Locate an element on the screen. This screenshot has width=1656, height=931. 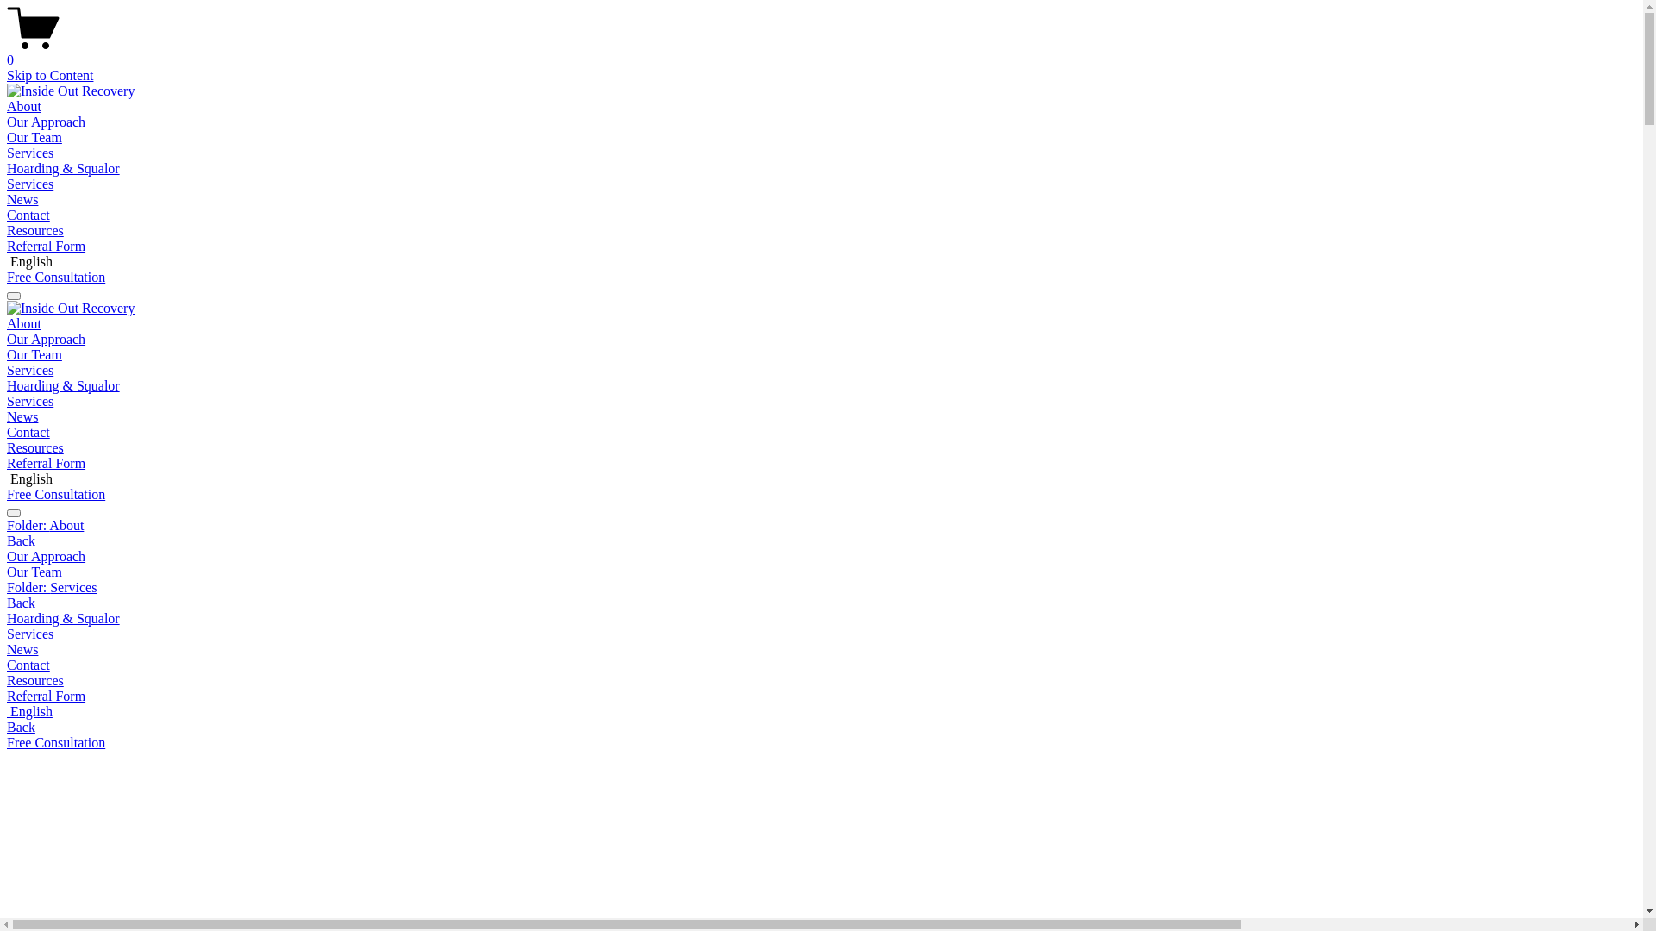
'Hoarding & Squalor' is located at coordinates (63, 384).